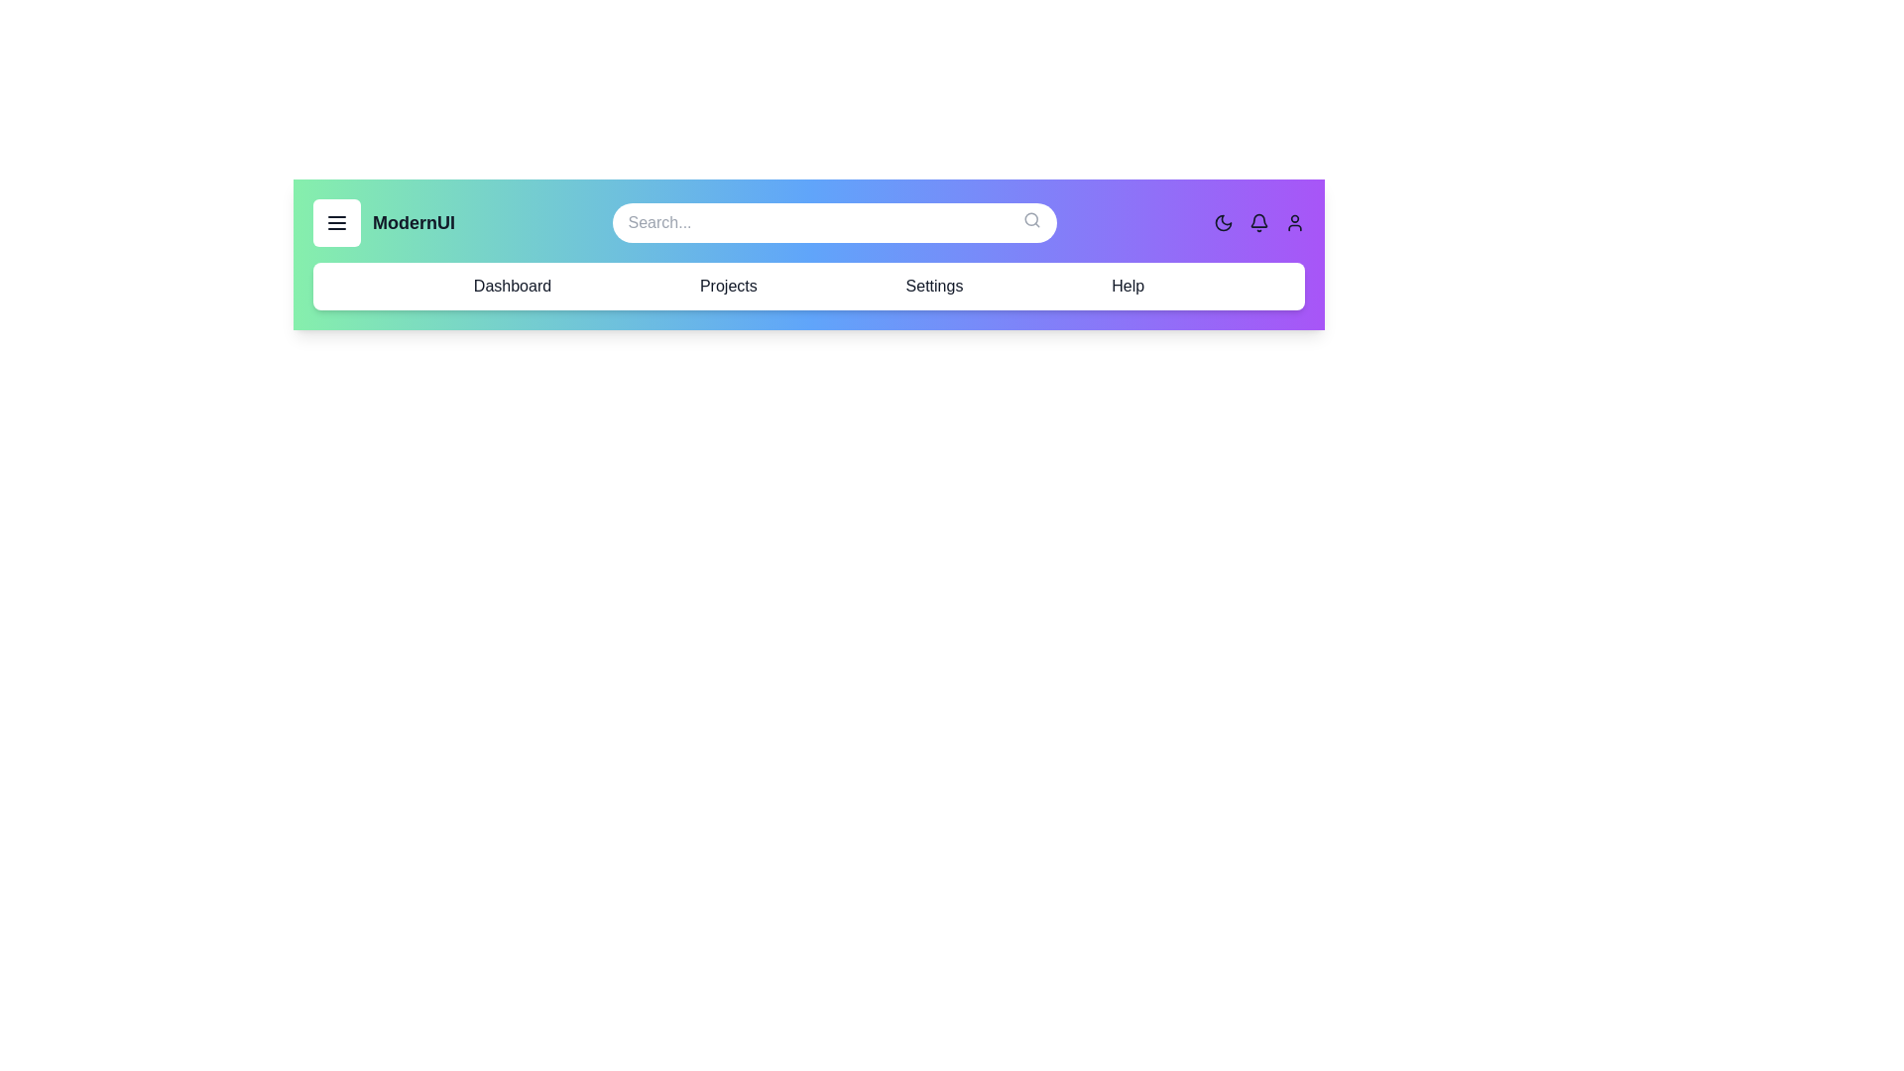  What do you see at coordinates (513, 287) in the screenshot?
I see `the navigation item labeled Dashboard` at bounding box center [513, 287].